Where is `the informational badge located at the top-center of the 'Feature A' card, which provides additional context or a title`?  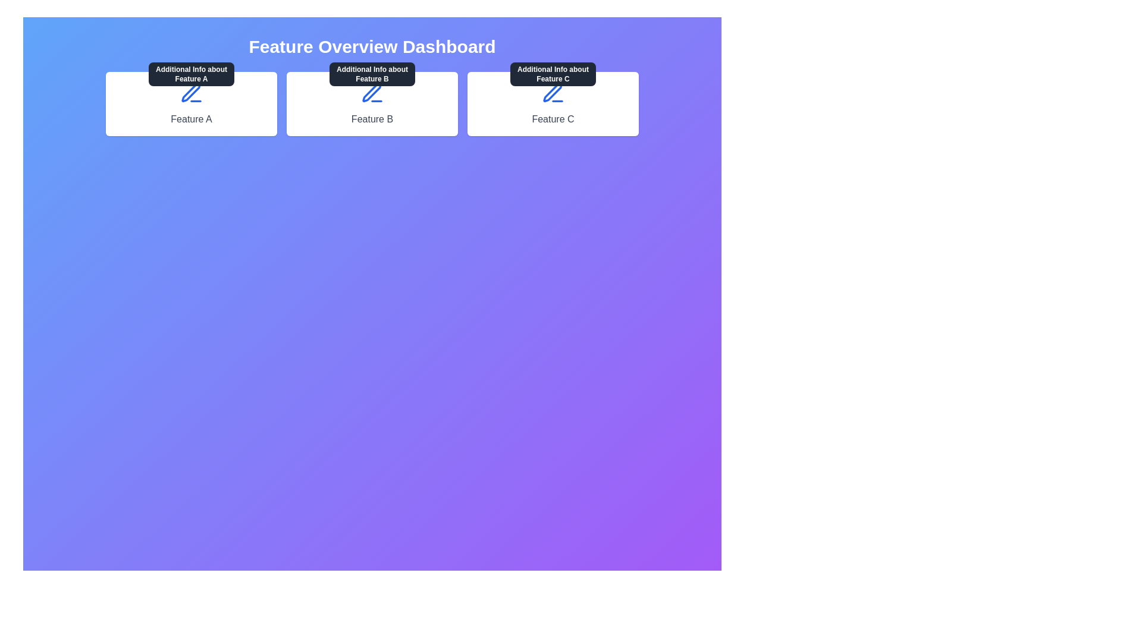
the informational badge located at the top-center of the 'Feature A' card, which provides additional context or a title is located at coordinates (191, 74).